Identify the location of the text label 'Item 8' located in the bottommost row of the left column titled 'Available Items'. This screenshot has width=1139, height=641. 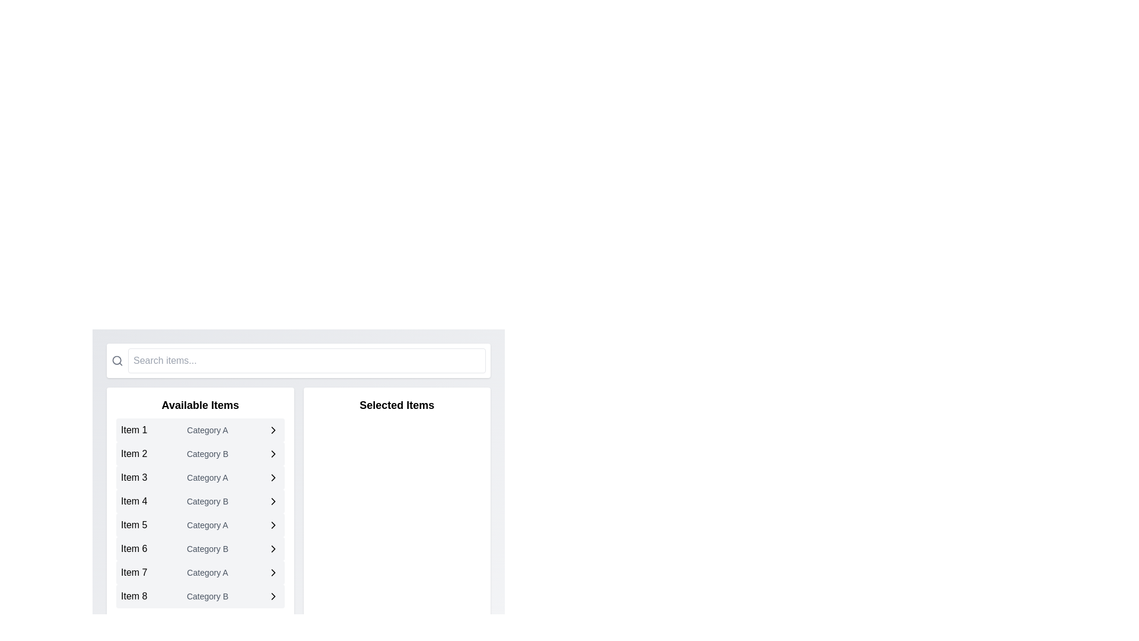
(133, 596).